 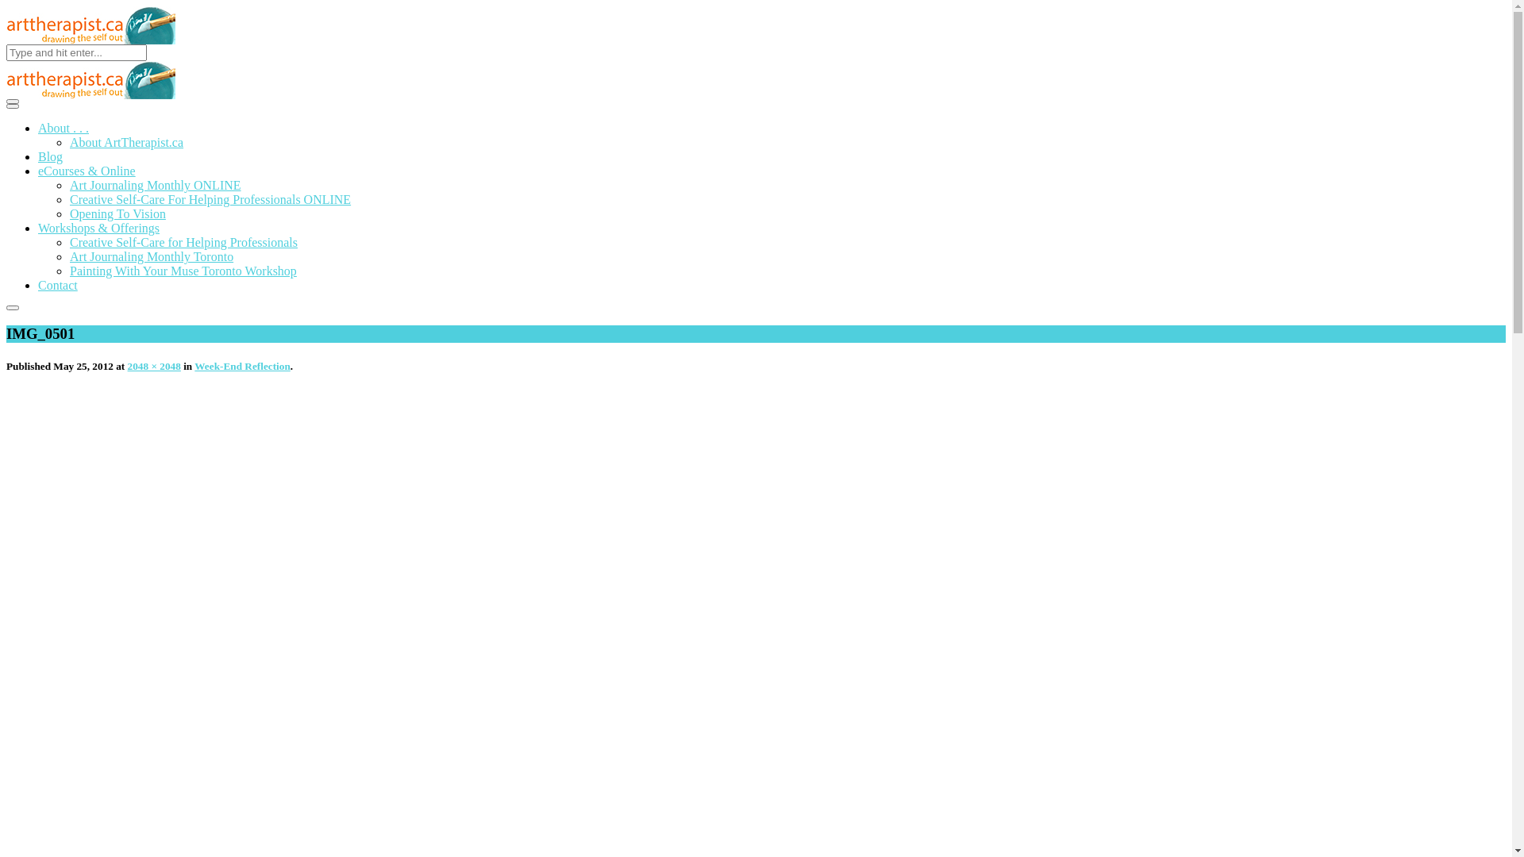 I want to click on 'Creative Self-Care For Helping Professionals ONLINE', so click(x=209, y=198).